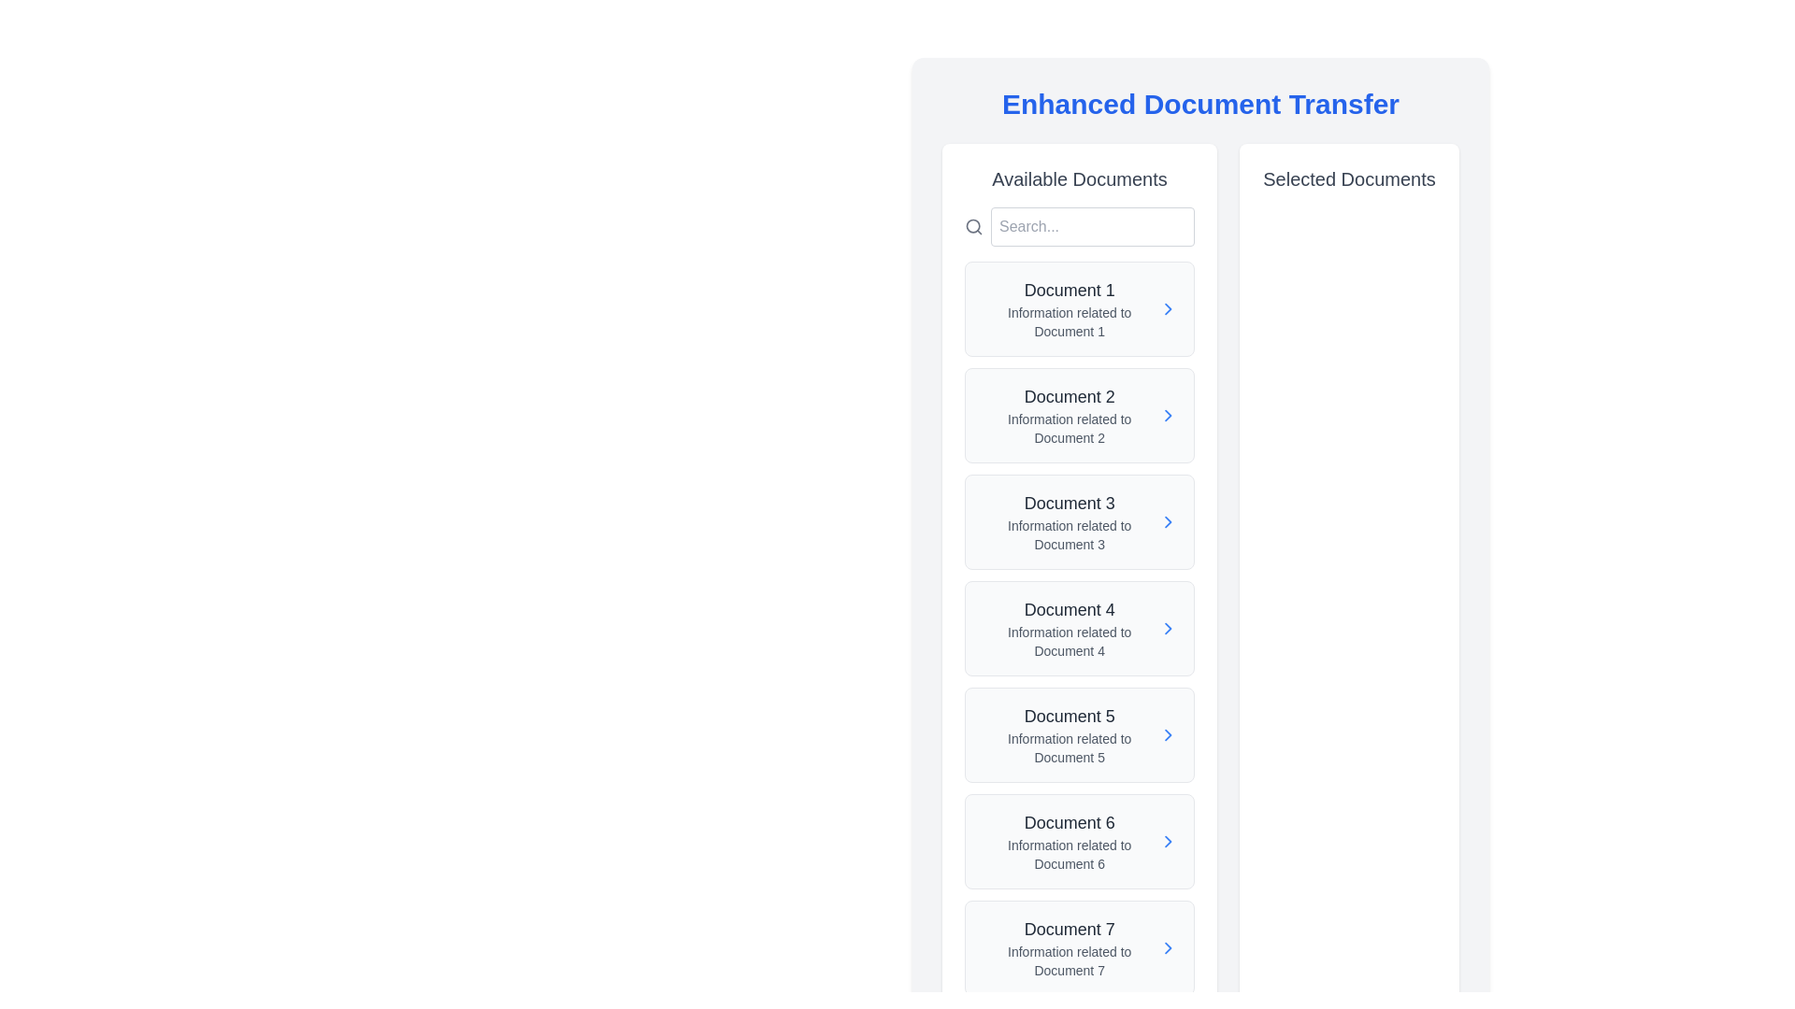 The height and width of the screenshot is (1009, 1795). I want to click on the icon indicating navigation or interaction for 'Document 2' located on the right side of its entry in the 'Available Documents' section, so click(1168, 414).